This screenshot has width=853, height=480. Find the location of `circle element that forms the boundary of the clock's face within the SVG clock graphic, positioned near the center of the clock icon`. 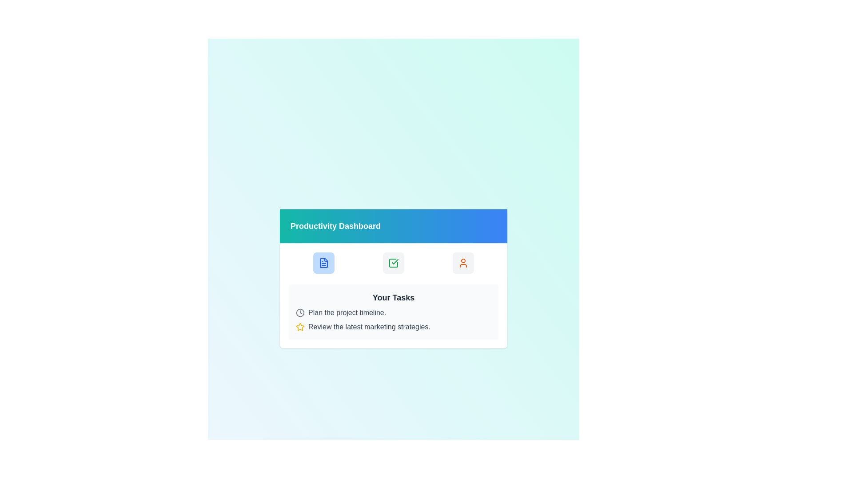

circle element that forms the boundary of the clock's face within the SVG clock graphic, positioned near the center of the clock icon is located at coordinates (300, 312).